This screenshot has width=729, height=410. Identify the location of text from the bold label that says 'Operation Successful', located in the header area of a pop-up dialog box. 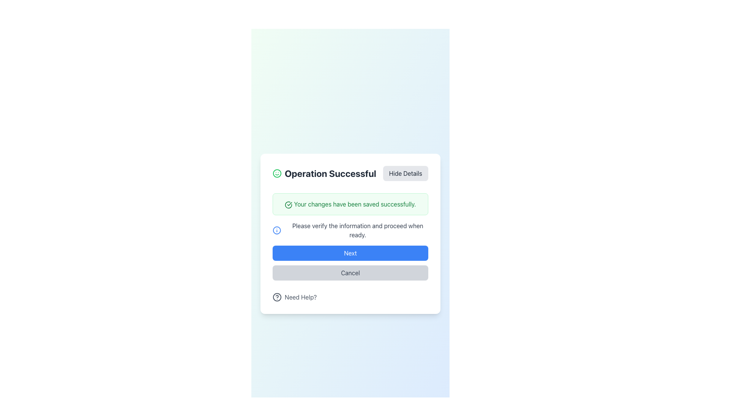
(324, 173).